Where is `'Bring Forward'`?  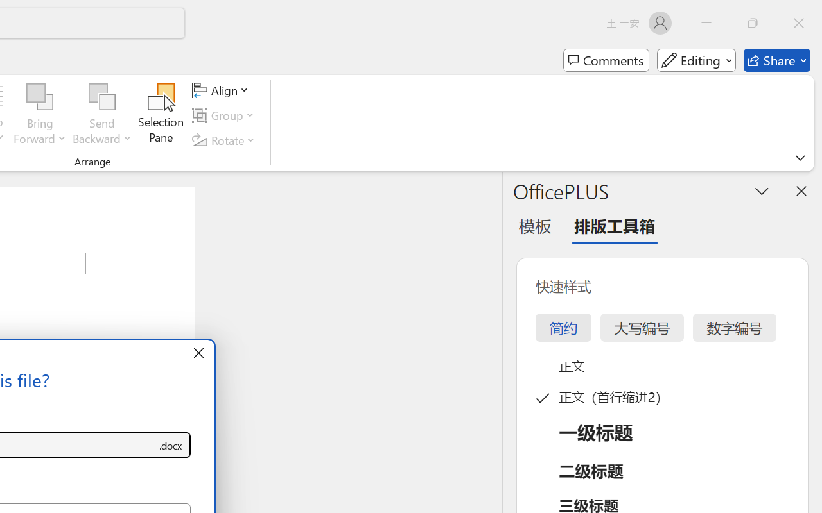 'Bring Forward' is located at coordinates (40, 115).